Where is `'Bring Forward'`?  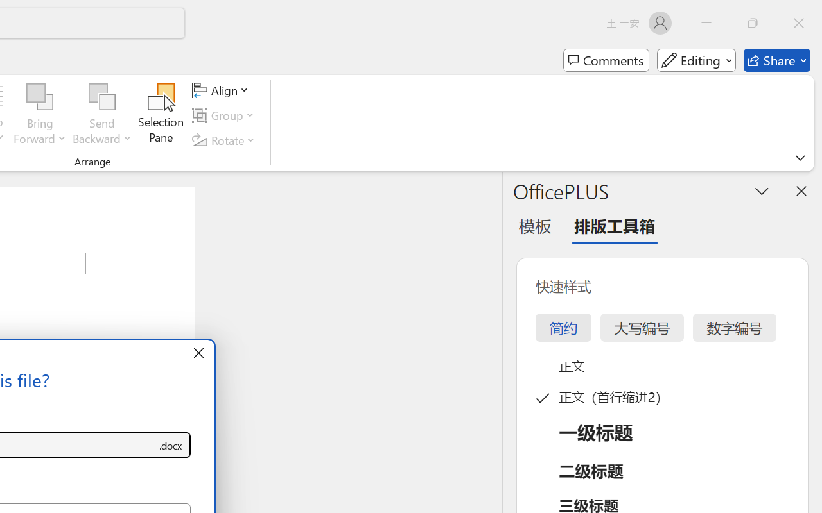 'Bring Forward' is located at coordinates (40, 115).